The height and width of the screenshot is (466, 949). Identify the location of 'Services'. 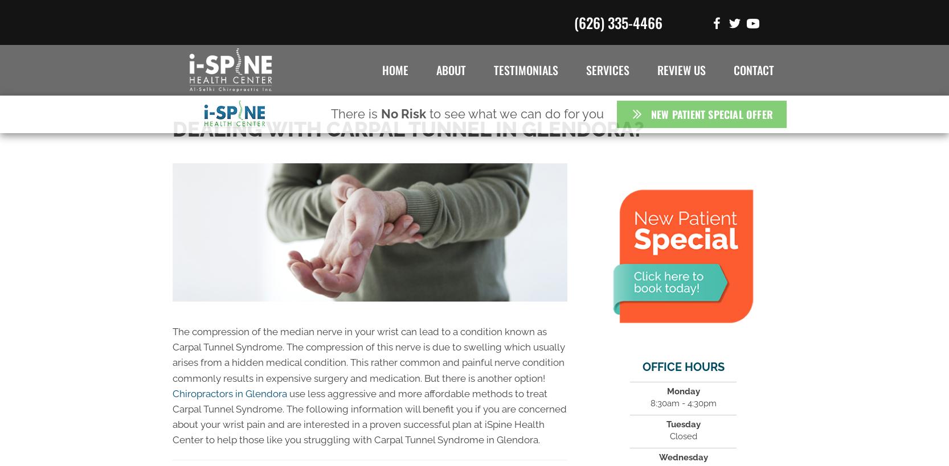
(607, 69).